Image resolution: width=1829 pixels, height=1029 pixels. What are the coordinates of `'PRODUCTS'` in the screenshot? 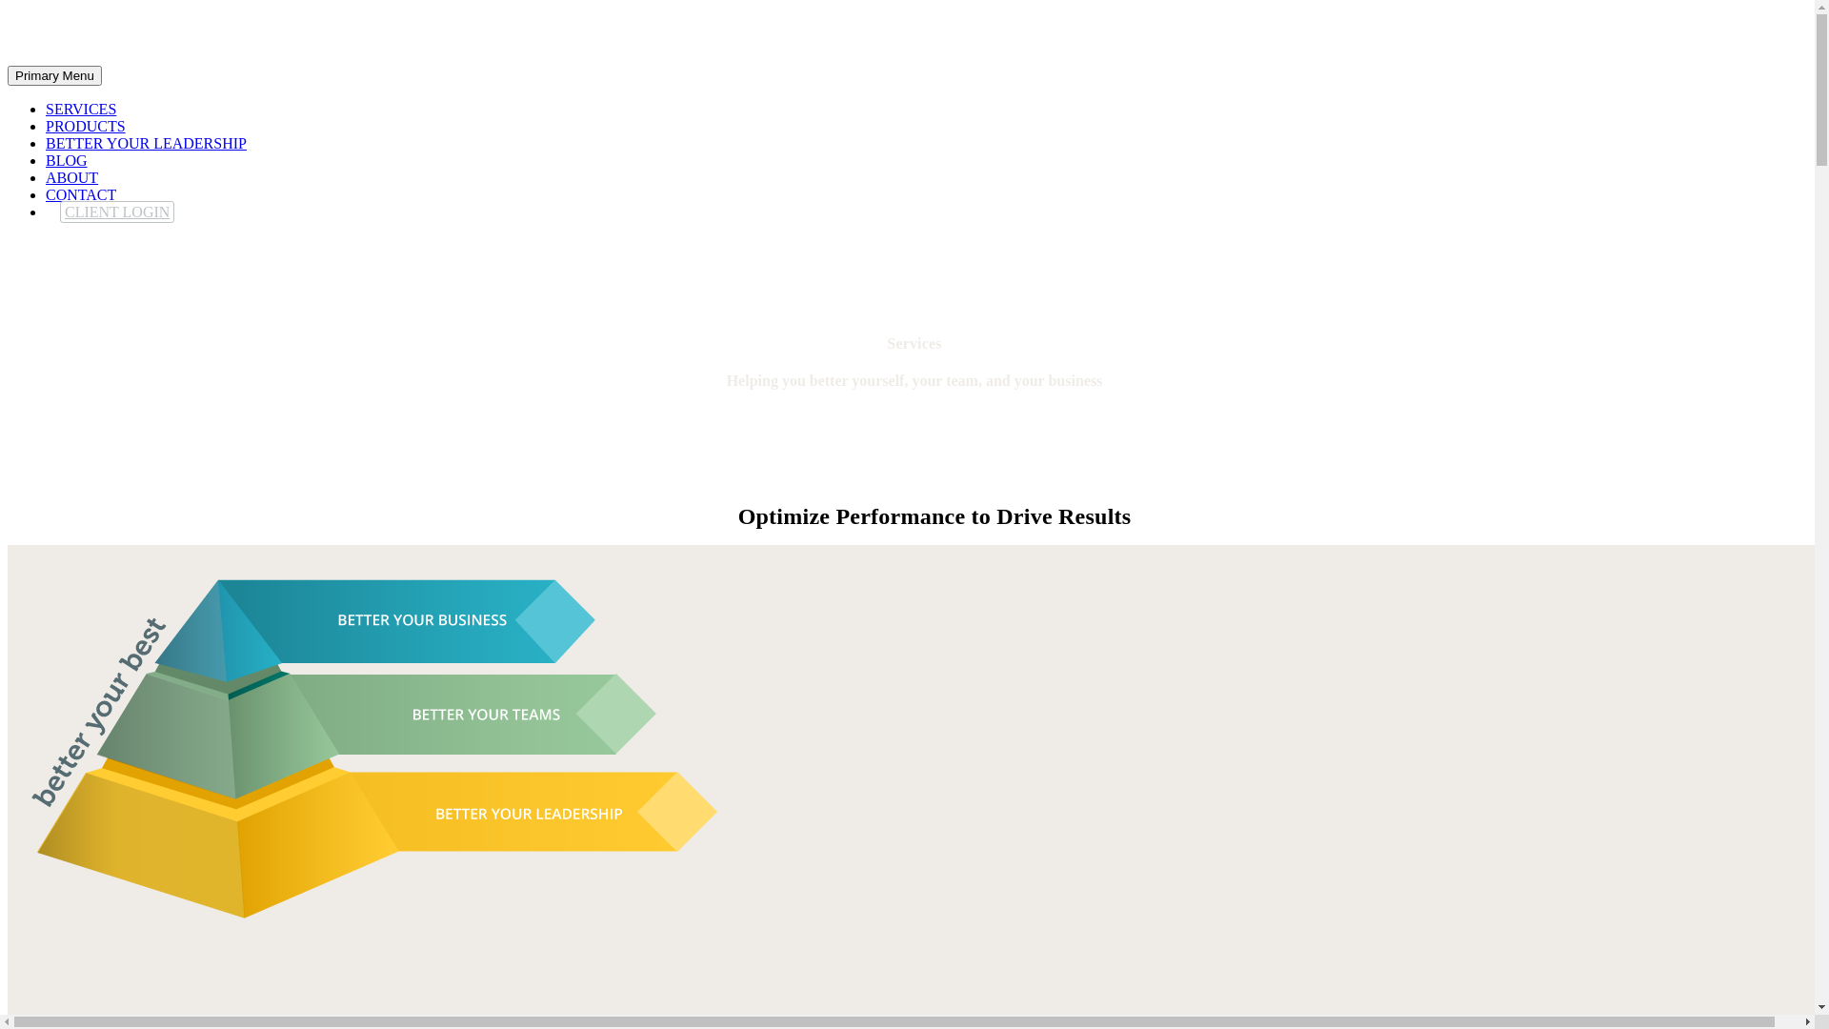 It's located at (85, 126).